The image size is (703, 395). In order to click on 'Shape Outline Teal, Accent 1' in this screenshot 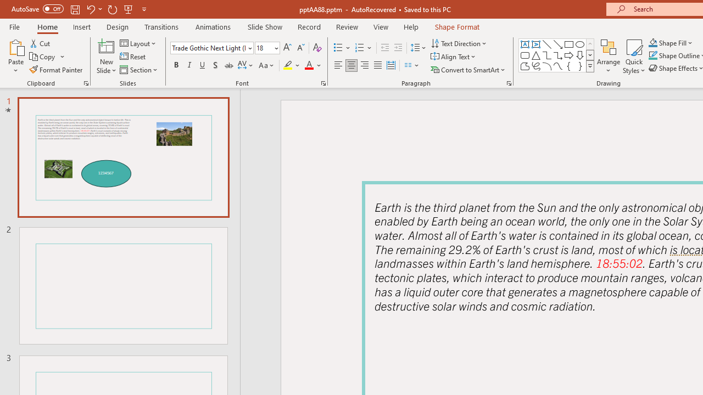, I will do `click(653, 55)`.